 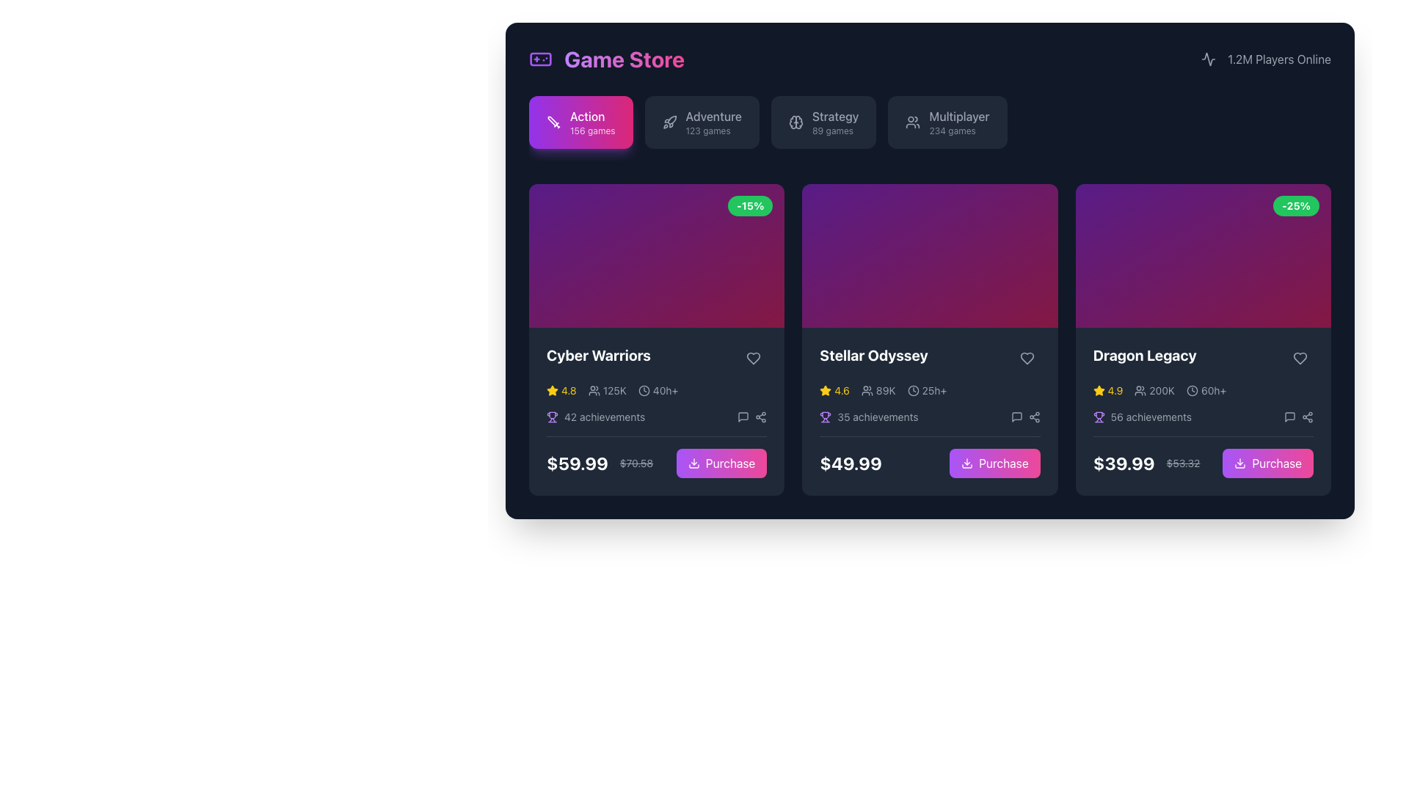 I want to click on the share icon located in the grouped element containing a speech bubble and share symbol on the third card titled 'Cyber Warriors', so click(x=752, y=417).